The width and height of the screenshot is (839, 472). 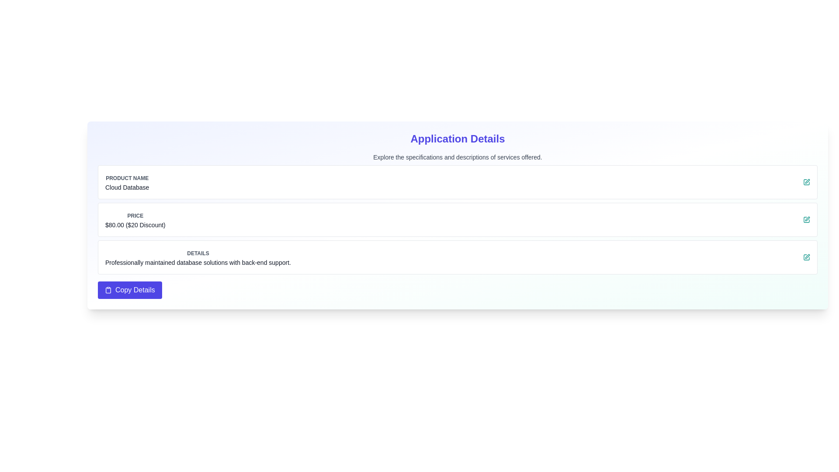 What do you see at coordinates (806, 181) in the screenshot?
I see `the pencil icon button located at the right end of the 'Product Name' row` at bounding box center [806, 181].